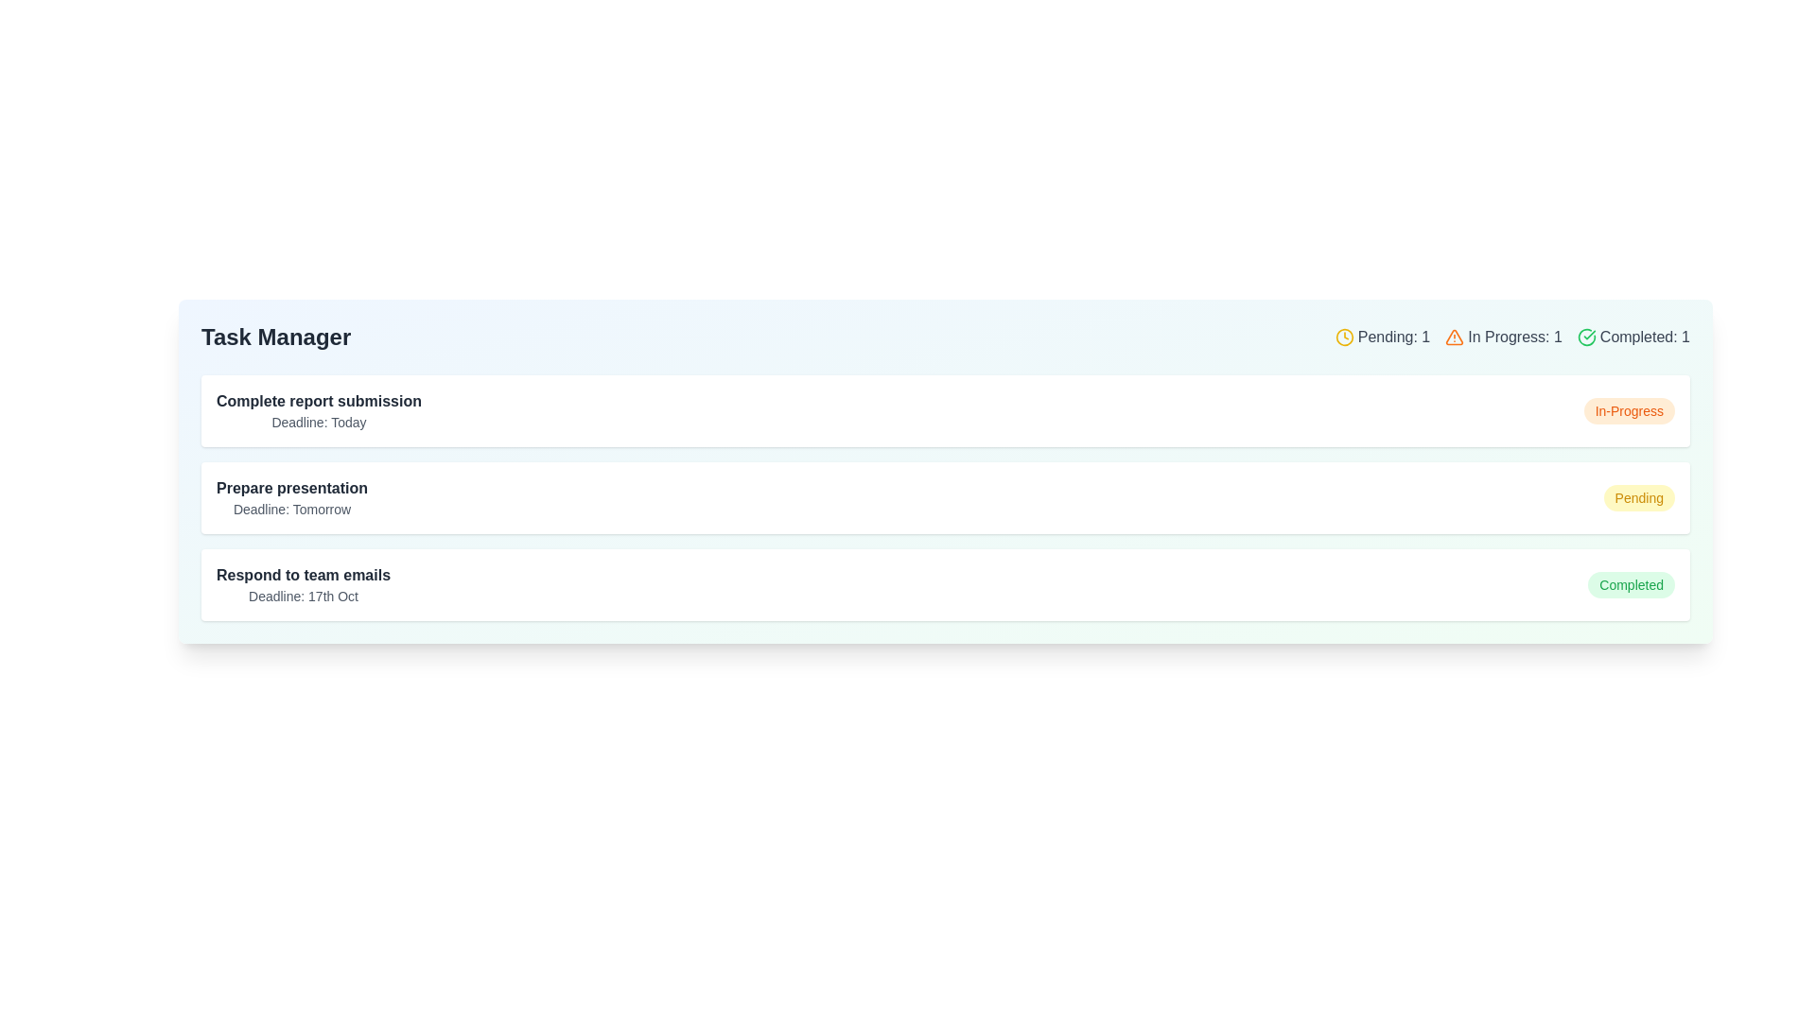 This screenshot has height=1021, width=1816. What do you see at coordinates (319, 422) in the screenshot?
I see `the Text Label that indicates the deadline for the associated task, located below the title 'Complete report submission' in the first task panel` at bounding box center [319, 422].